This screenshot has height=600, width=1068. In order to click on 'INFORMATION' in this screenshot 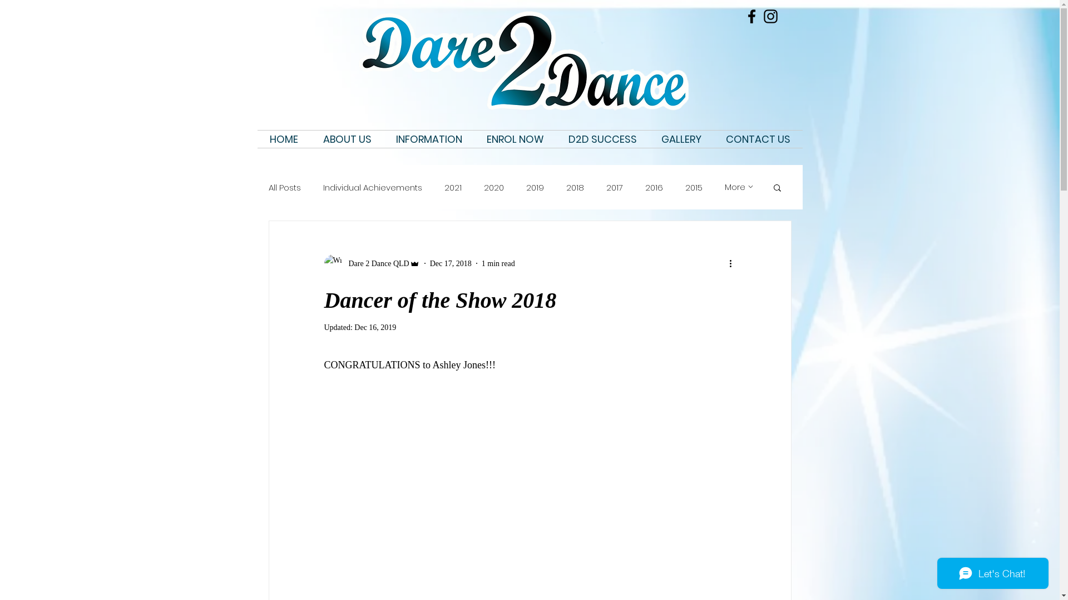, I will do `click(384, 138)`.